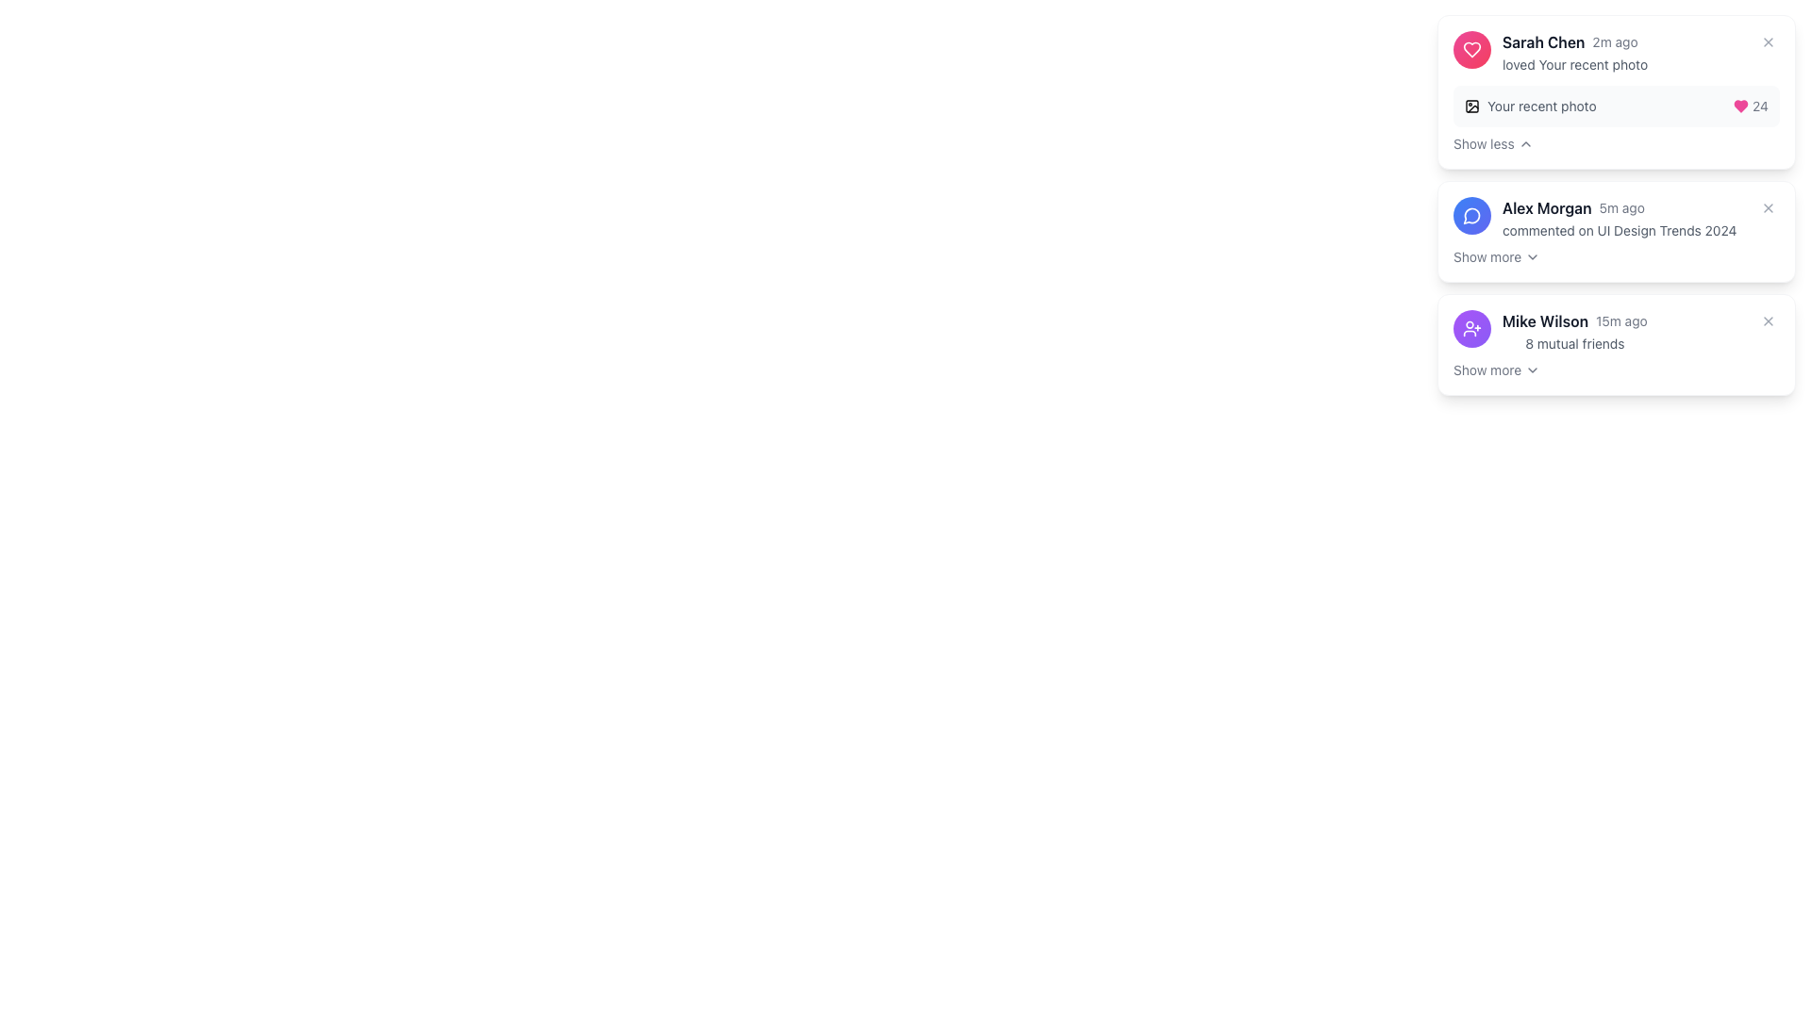  I want to click on the heart-shaped SVG icon filled with pink color located in the top-right card, to the left of the numeric label '24', so click(1740, 106).